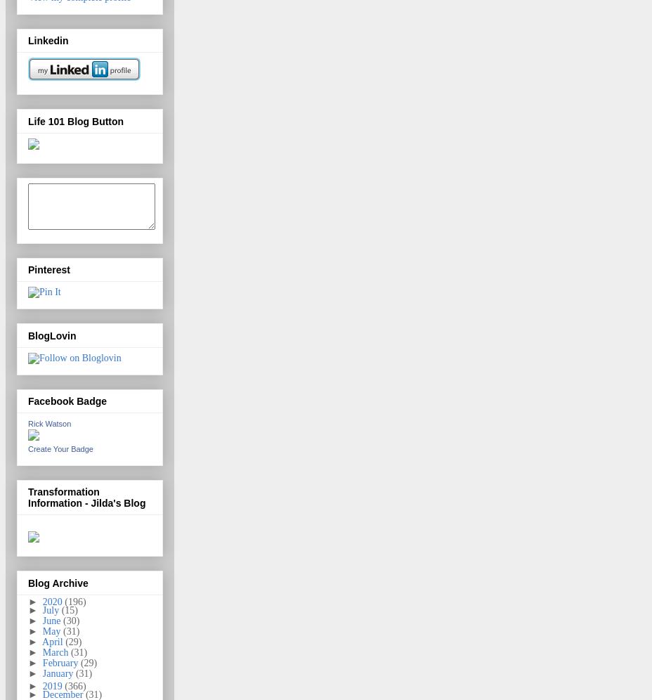 This screenshot has height=700, width=652. What do you see at coordinates (75, 121) in the screenshot?
I see `'Life 101 Blog Button'` at bounding box center [75, 121].